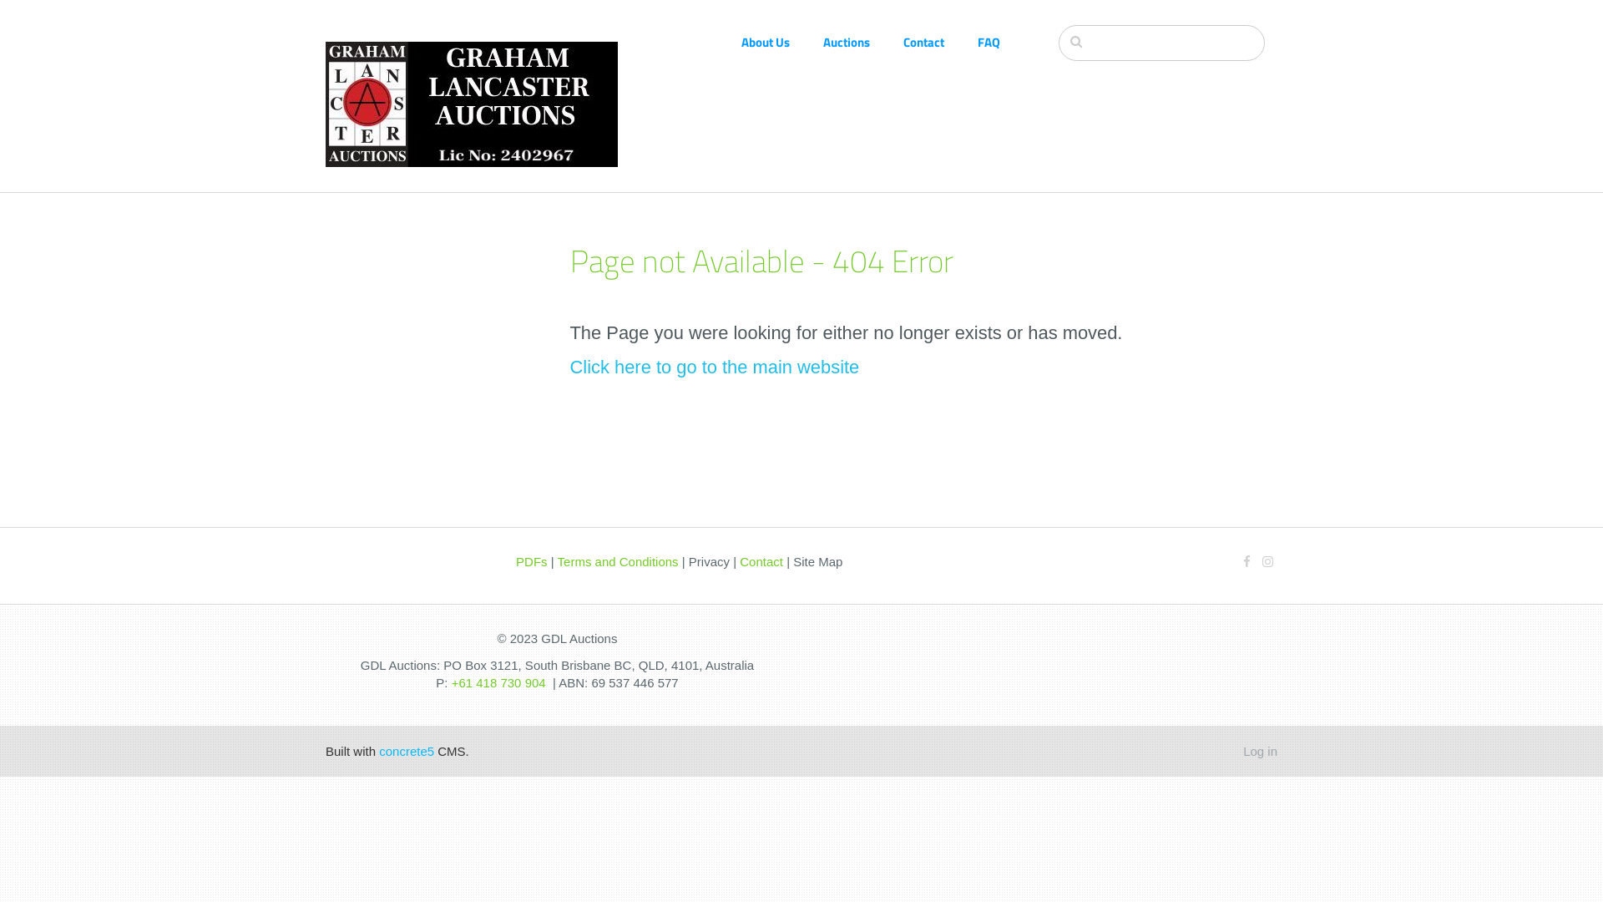  Describe the element at coordinates (761, 561) in the screenshot. I see `'Contact'` at that location.